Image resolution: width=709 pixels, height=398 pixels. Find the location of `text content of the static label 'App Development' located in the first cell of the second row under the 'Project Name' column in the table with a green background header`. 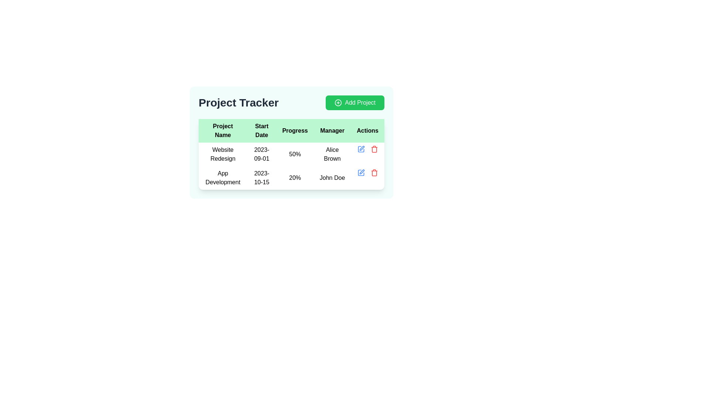

text content of the static label 'App Development' located in the first cell of the second row under the 'Project Name' column in the table with a green background header is located at coordinates (222, 178).